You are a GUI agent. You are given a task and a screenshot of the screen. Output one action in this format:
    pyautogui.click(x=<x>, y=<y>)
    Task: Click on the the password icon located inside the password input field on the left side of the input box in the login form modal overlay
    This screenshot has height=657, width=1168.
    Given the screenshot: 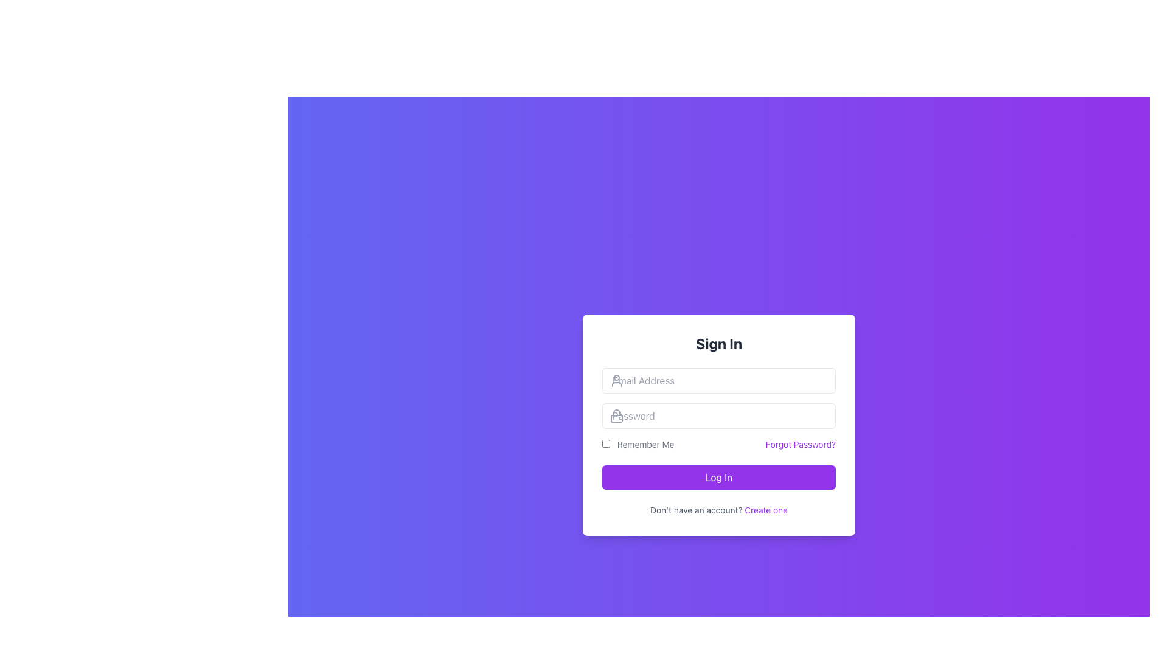 What is the action you would take?
    pyautogui.click(x=616, y=415)
    